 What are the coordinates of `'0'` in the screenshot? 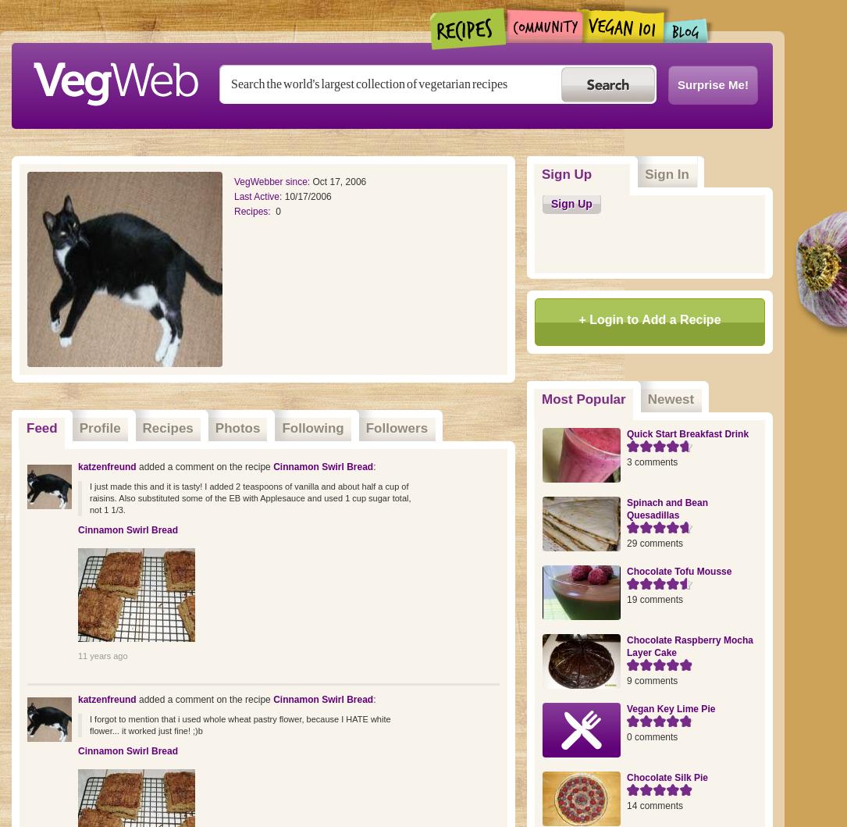 It's located at (278, 211).